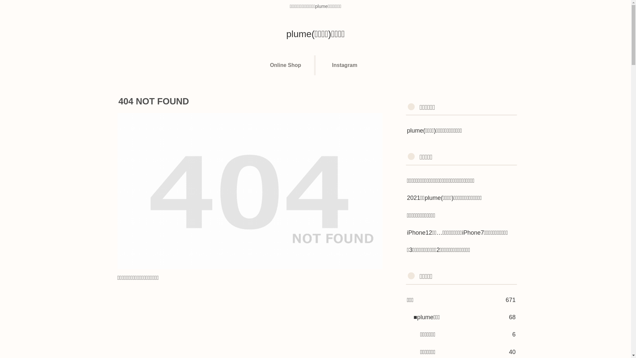 The image size is (636, 358). I want to click on 'Online Shop', so click(286, 65).